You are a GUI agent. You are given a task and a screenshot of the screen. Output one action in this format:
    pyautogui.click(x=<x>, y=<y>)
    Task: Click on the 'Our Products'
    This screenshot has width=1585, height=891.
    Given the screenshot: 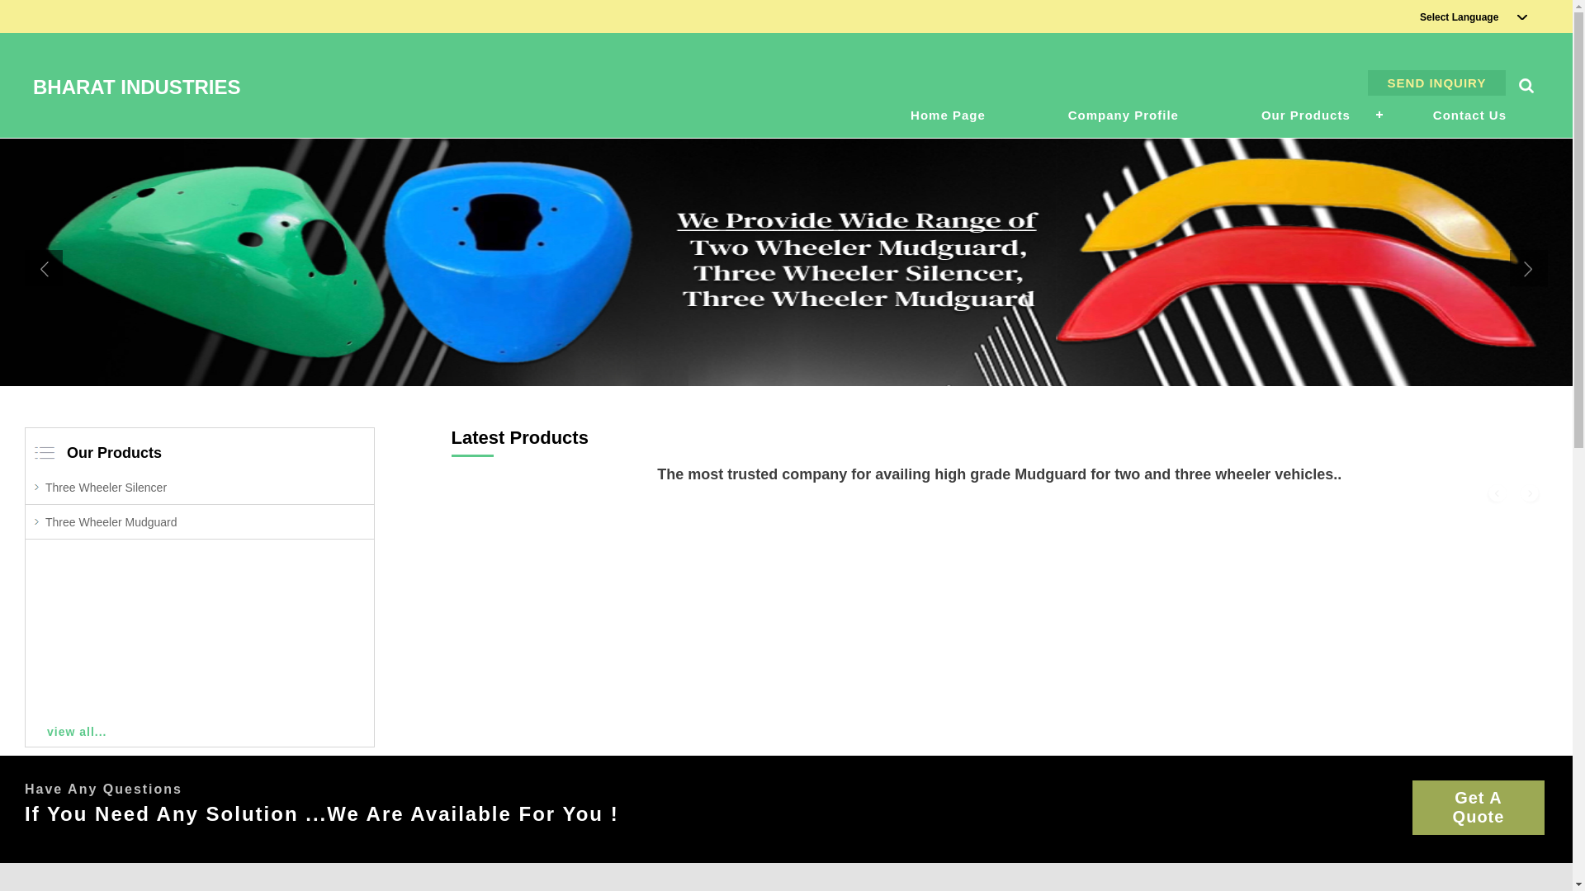 What is the action you would take?
    pyautogui.click(x=1305, y=114)
    